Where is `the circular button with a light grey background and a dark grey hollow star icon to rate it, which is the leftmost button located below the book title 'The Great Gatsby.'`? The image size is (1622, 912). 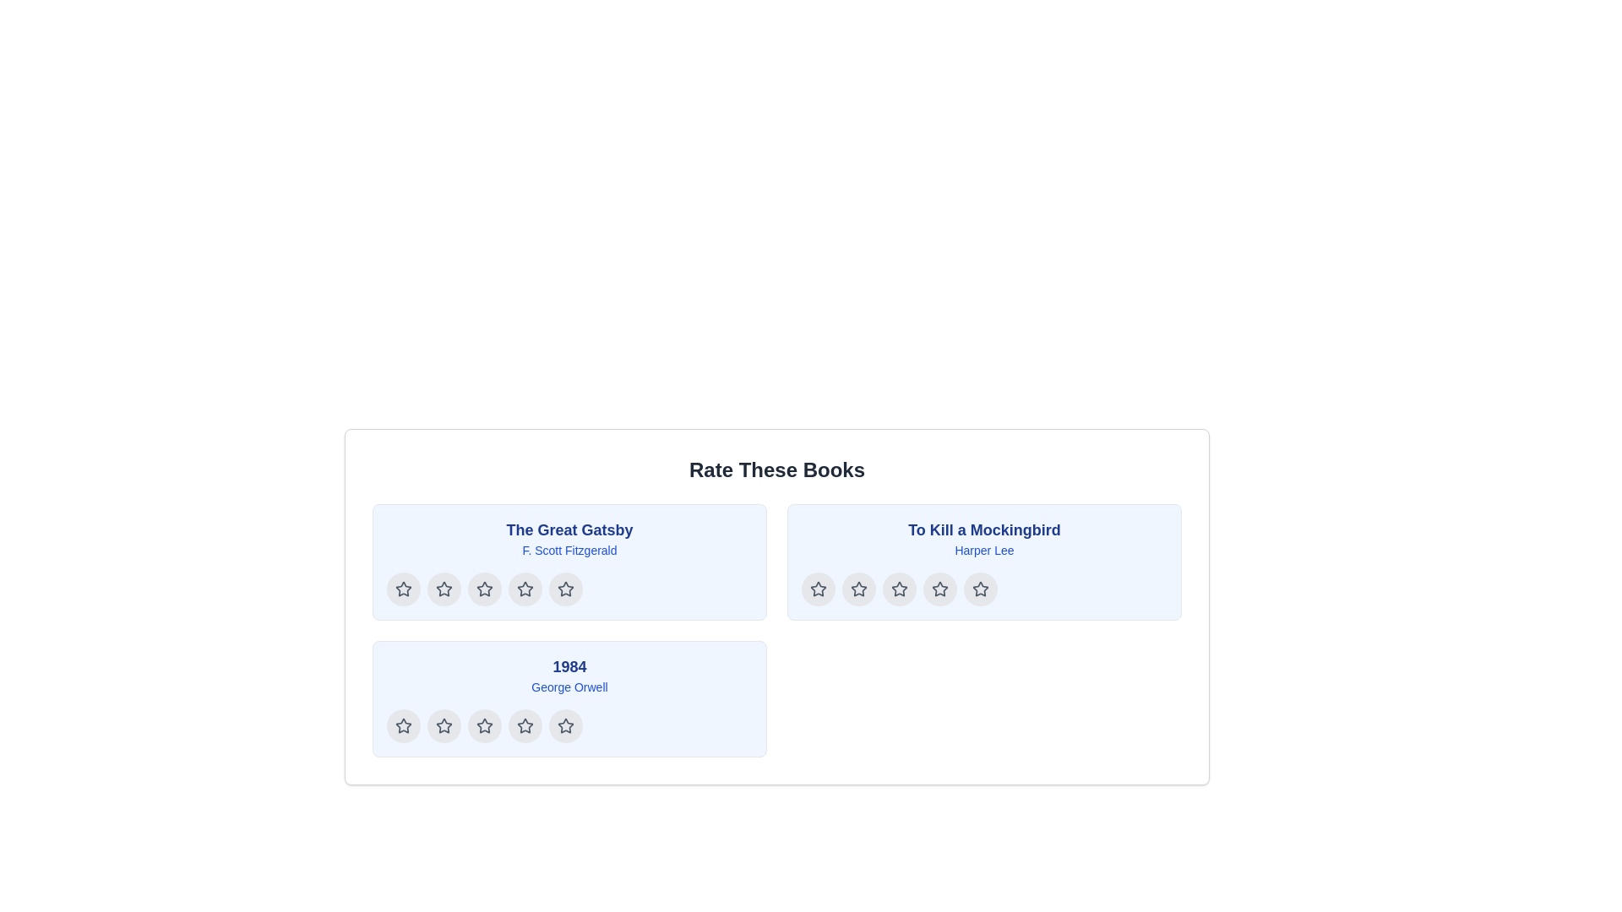
the circular button with a light grey background and a dark grey hollow star icon to rate it, which is the leftmost button located below the book title 'The Great Gatsby.' is located at coordinates (403, 589).